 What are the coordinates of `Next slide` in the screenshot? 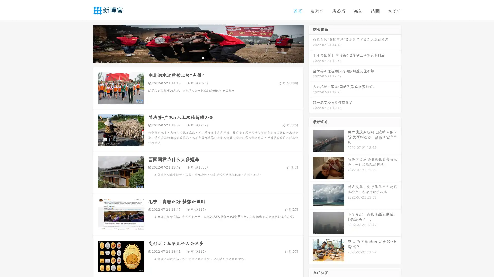 It's located at (311, 43).